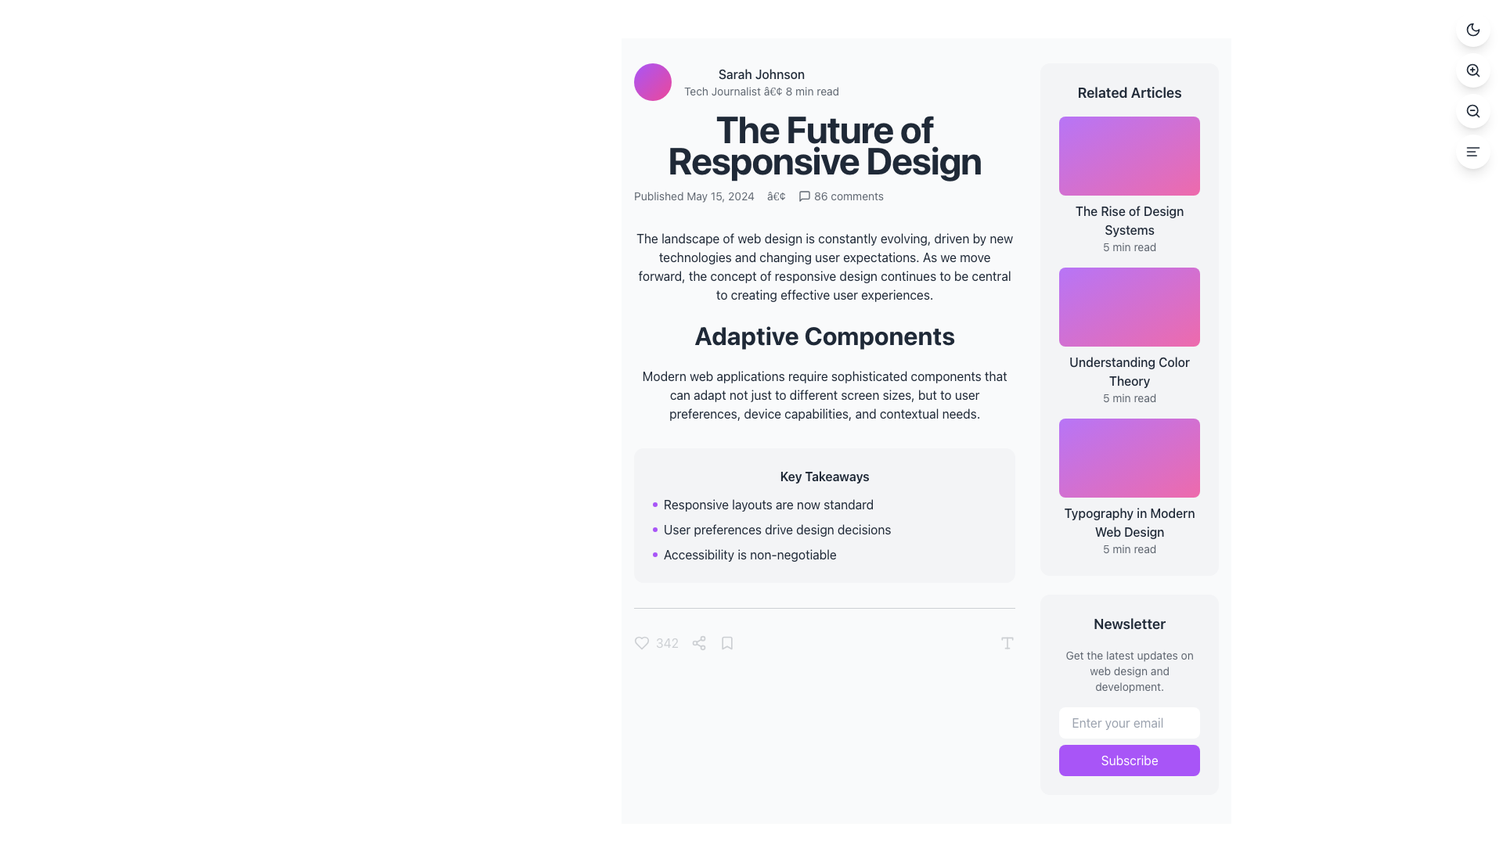 This screenshot has width=1503, height=845. What do you see at coordinates (804, 195) in the screenshot?
I see `the SVG element representing the message or chat bubble icon located near the top section of the article header area, adjacent to the comment count indicator` at bounding box center [804, 195].